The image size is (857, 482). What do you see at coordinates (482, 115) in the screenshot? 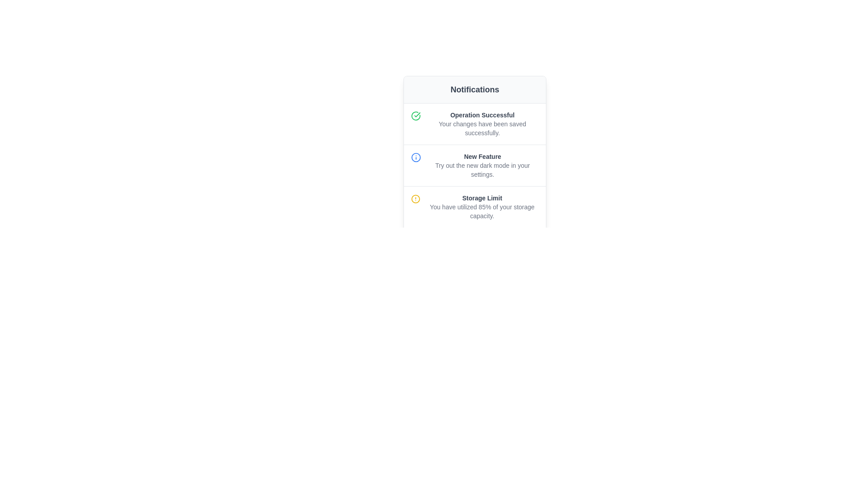
I see `the success notification text element that informs the user of a successful operation, located at the center of the notification card` at bounding box center [482, 115].